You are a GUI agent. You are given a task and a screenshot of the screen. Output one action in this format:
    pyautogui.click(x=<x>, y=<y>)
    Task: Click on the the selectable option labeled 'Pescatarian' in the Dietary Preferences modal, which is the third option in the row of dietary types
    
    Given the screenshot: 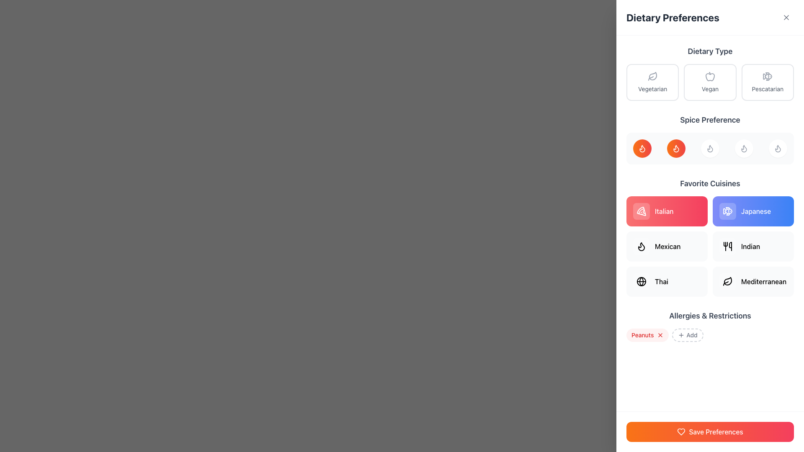 What is the action you would take?
    pyautogui.click(x=768, y=82)
    